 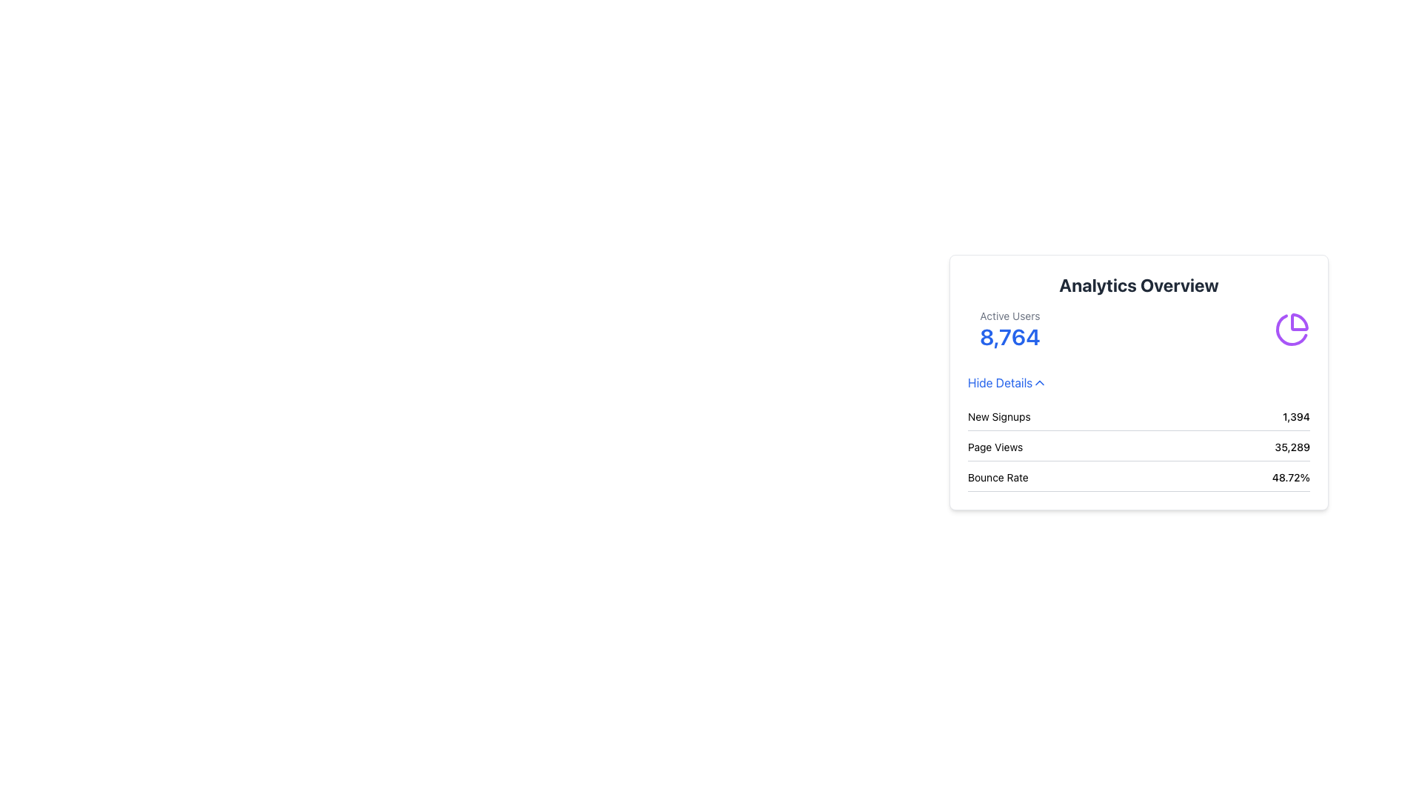 I want to click on displayed numerical value from the Text Display element located below the 'Active Users' label in the analytics overview section, so click(x=1009, y=337).